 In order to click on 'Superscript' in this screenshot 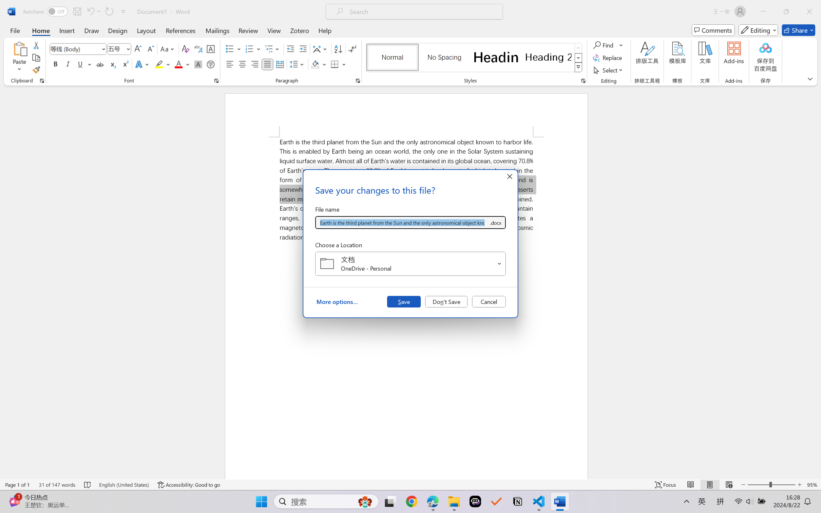, I will do `click(125, 64)`.